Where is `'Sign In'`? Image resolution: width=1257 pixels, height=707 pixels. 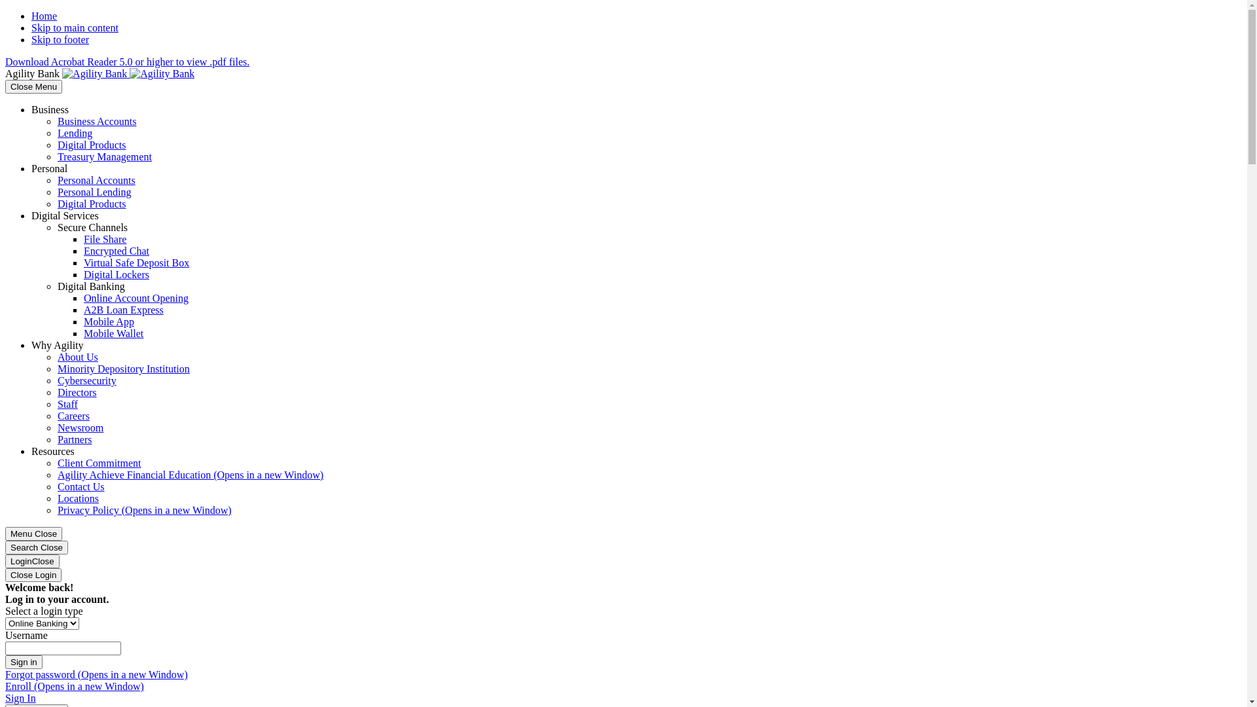 'Sign In' is located at coordinates (20, 697).